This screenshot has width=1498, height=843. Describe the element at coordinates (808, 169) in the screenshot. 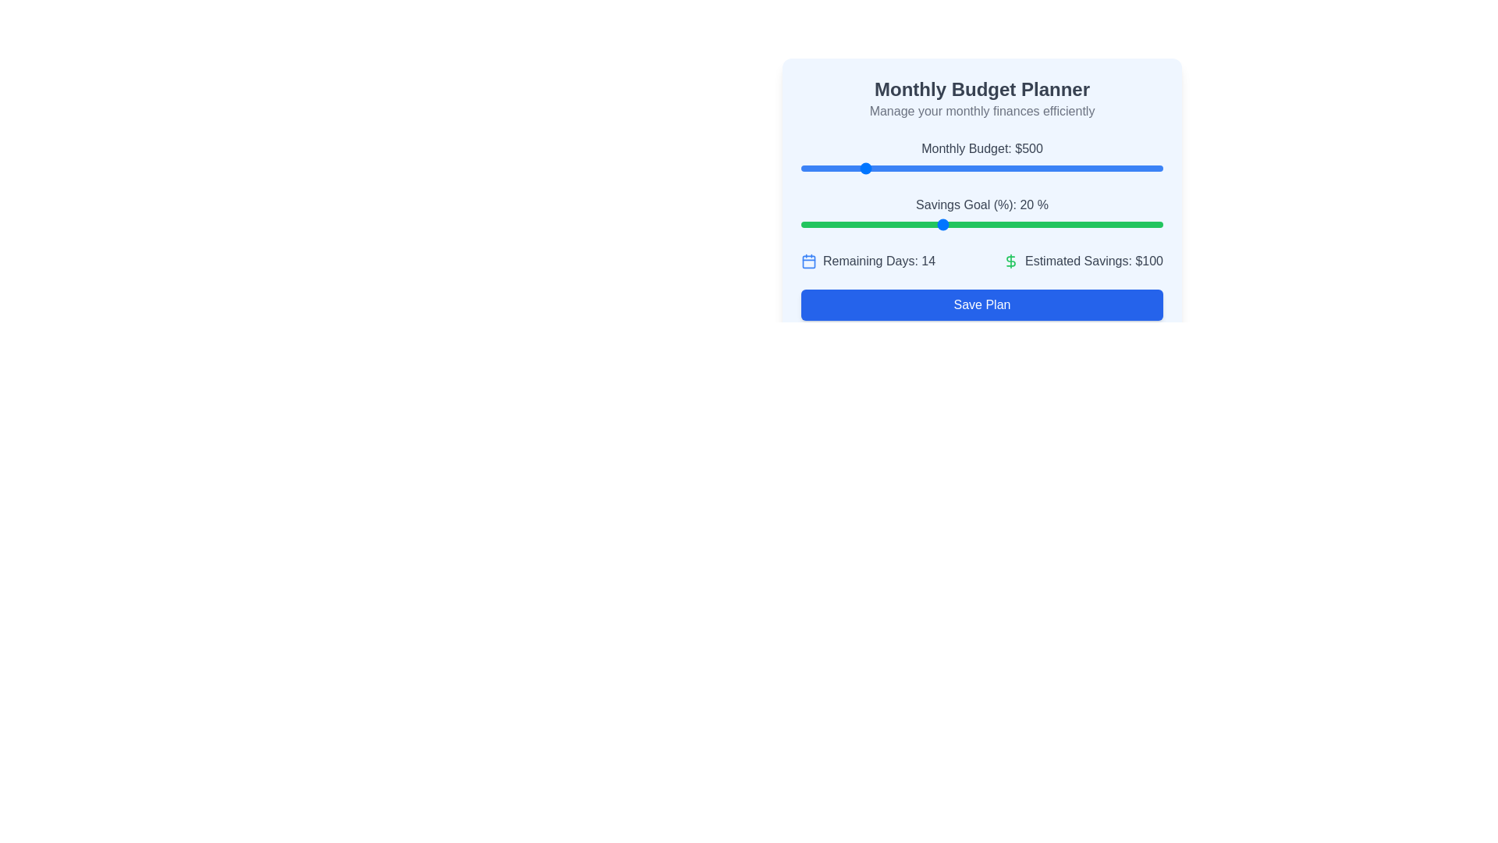

I see `the budget` at that location.